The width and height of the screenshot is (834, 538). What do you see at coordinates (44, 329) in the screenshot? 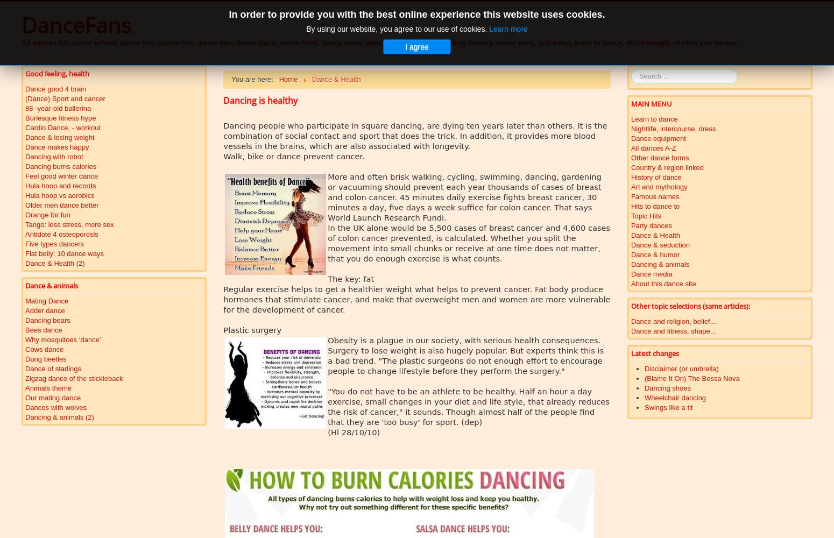
I see `'Bees dance'` at bounding box center [44, 329].